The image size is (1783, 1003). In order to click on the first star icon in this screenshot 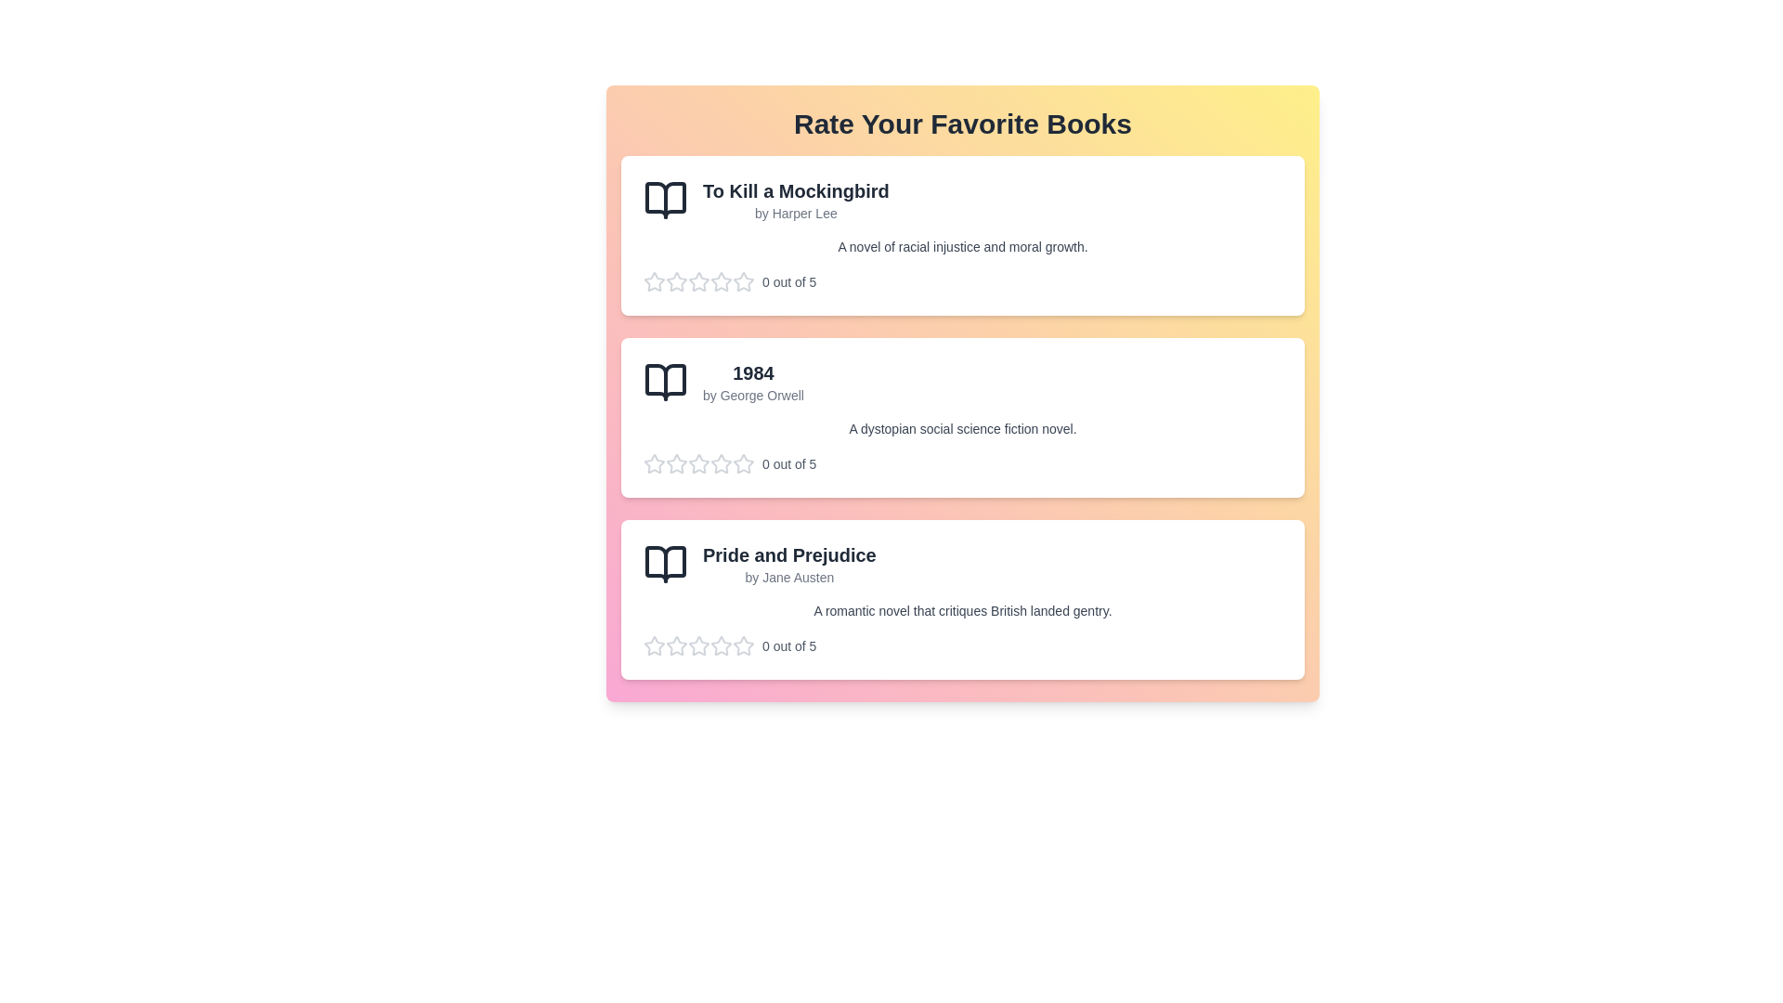, I will do `click(744, 645)`.